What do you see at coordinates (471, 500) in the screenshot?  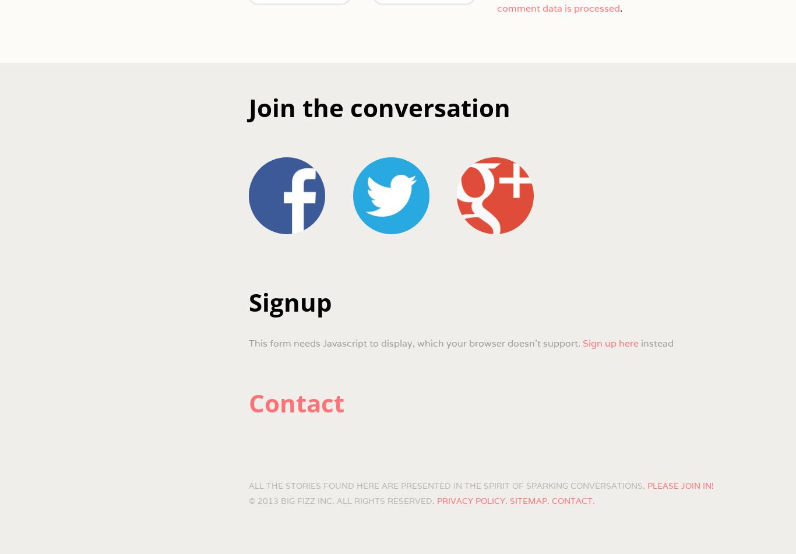 I see `'Privacy Policy.'` at bounding box center [471, 500].